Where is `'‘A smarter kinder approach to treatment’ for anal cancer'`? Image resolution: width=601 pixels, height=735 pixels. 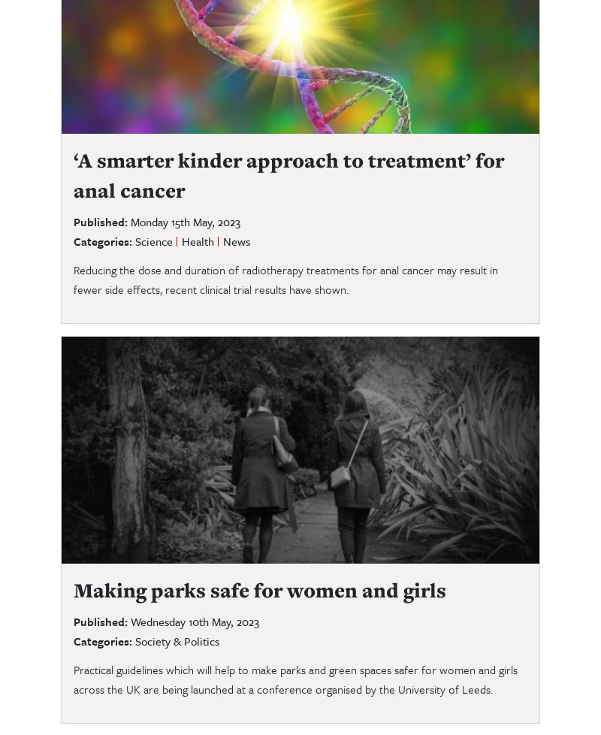
'‘A smarter kinder approach to treatment’ for anal cancer' is located at coordinates (74, 174).